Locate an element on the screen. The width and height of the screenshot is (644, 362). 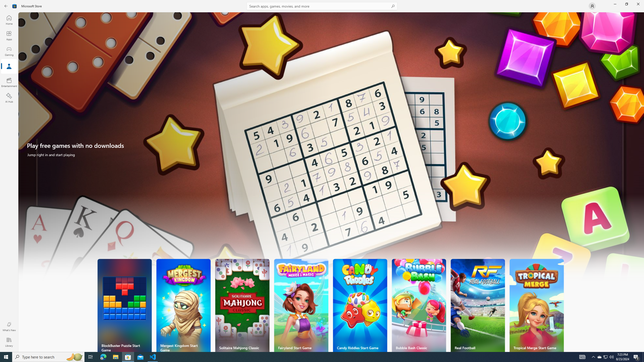
'Entertainment' is located at coordinates (9, 82).